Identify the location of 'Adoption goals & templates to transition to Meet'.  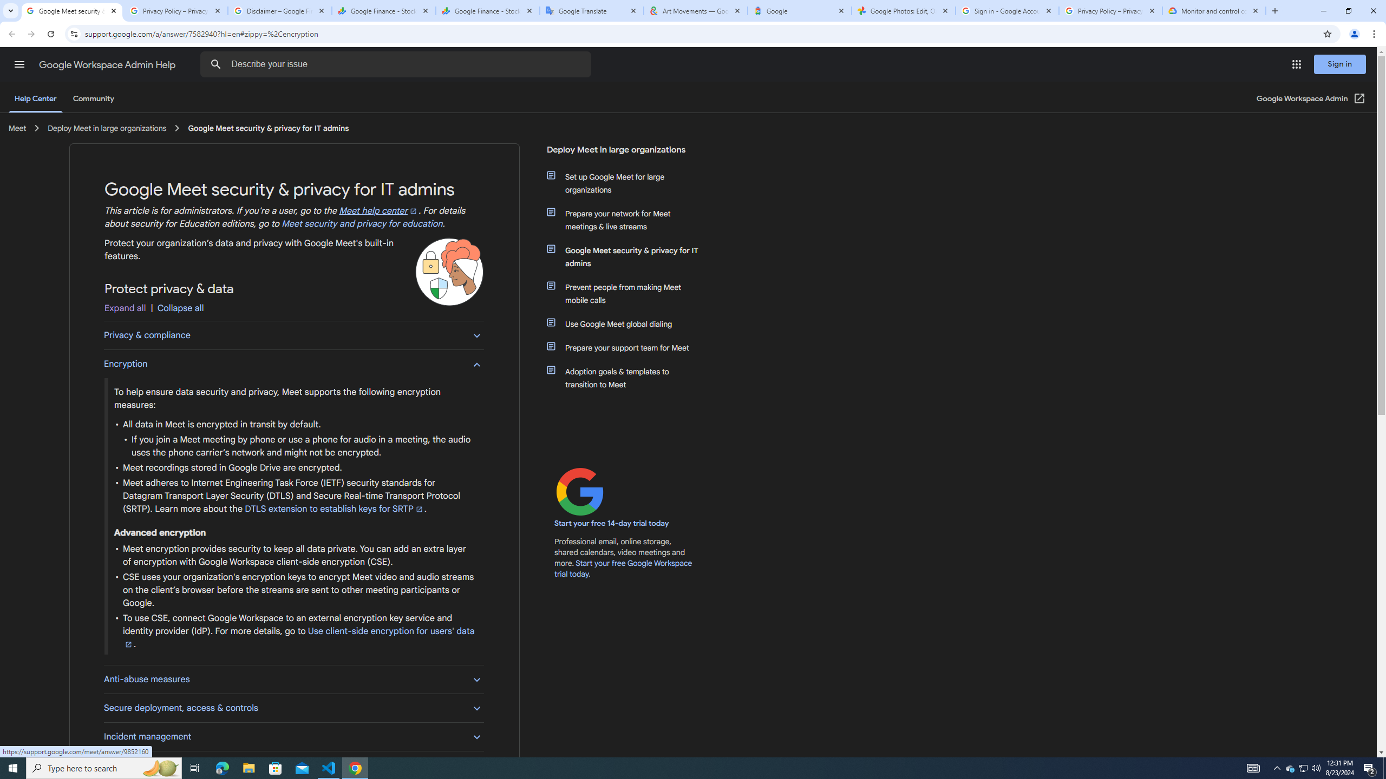
(629, 378).